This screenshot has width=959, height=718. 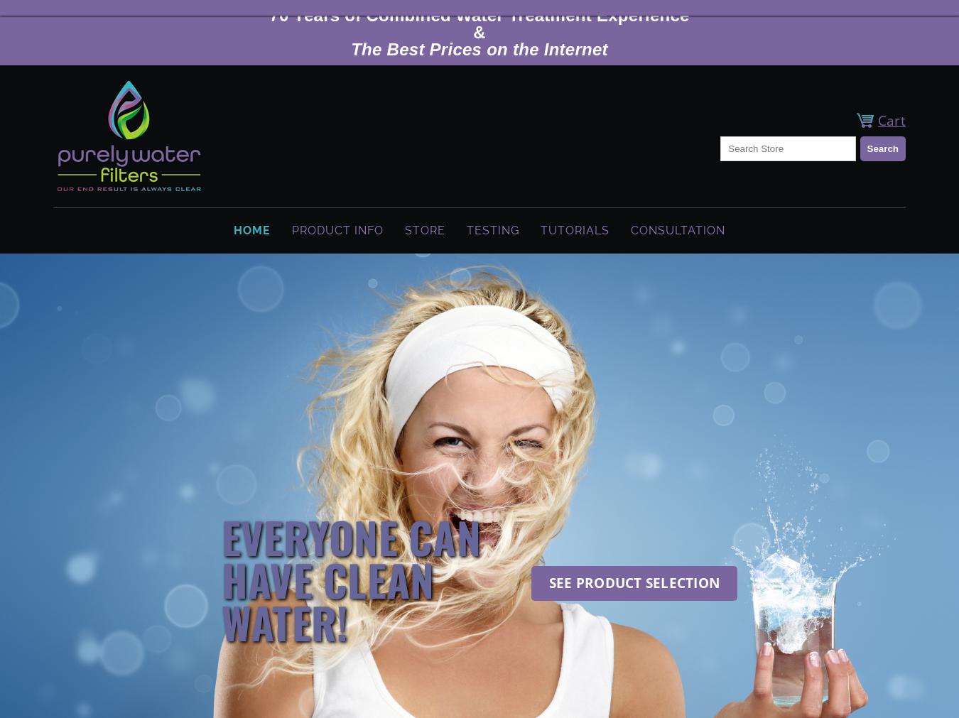 What do you see at coordinates (677, 230) in the screenshot?
I see `'Consultation'` at bounding box center [677, 230].